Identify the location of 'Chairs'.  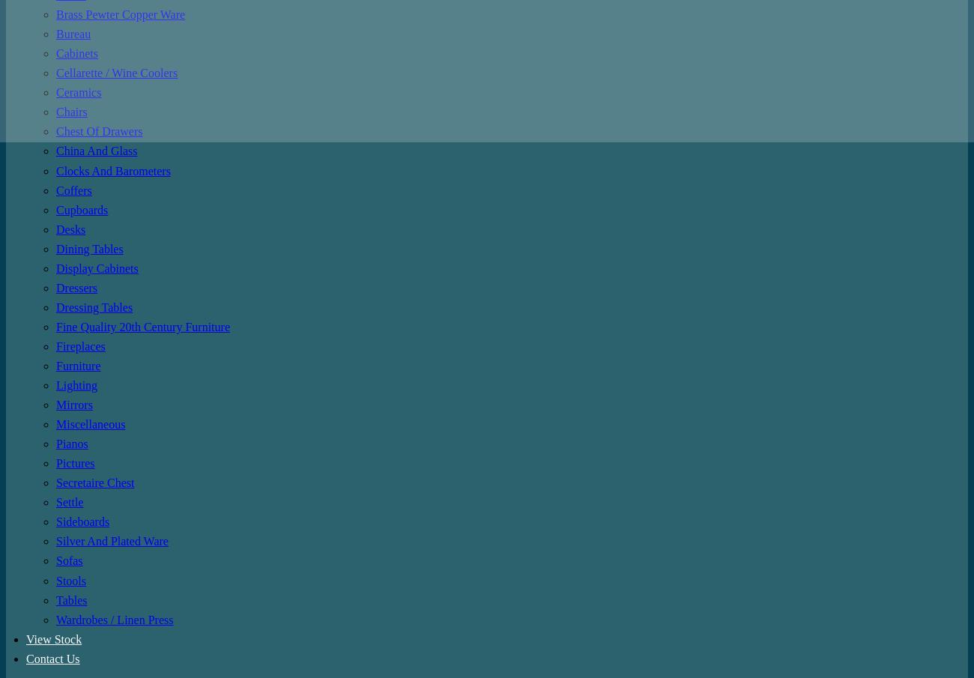
(71, 111).